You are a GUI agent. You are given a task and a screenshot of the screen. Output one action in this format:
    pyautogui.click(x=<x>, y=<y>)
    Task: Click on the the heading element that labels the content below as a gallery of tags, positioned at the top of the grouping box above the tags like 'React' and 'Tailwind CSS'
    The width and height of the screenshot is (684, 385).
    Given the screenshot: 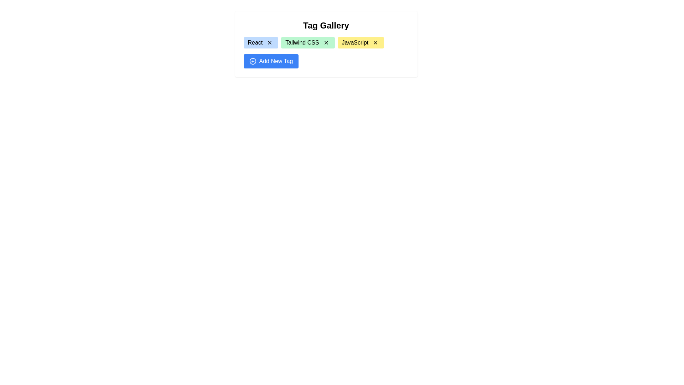 What is the action you would take?
    pyautogui.click(x=326, y=25)
    